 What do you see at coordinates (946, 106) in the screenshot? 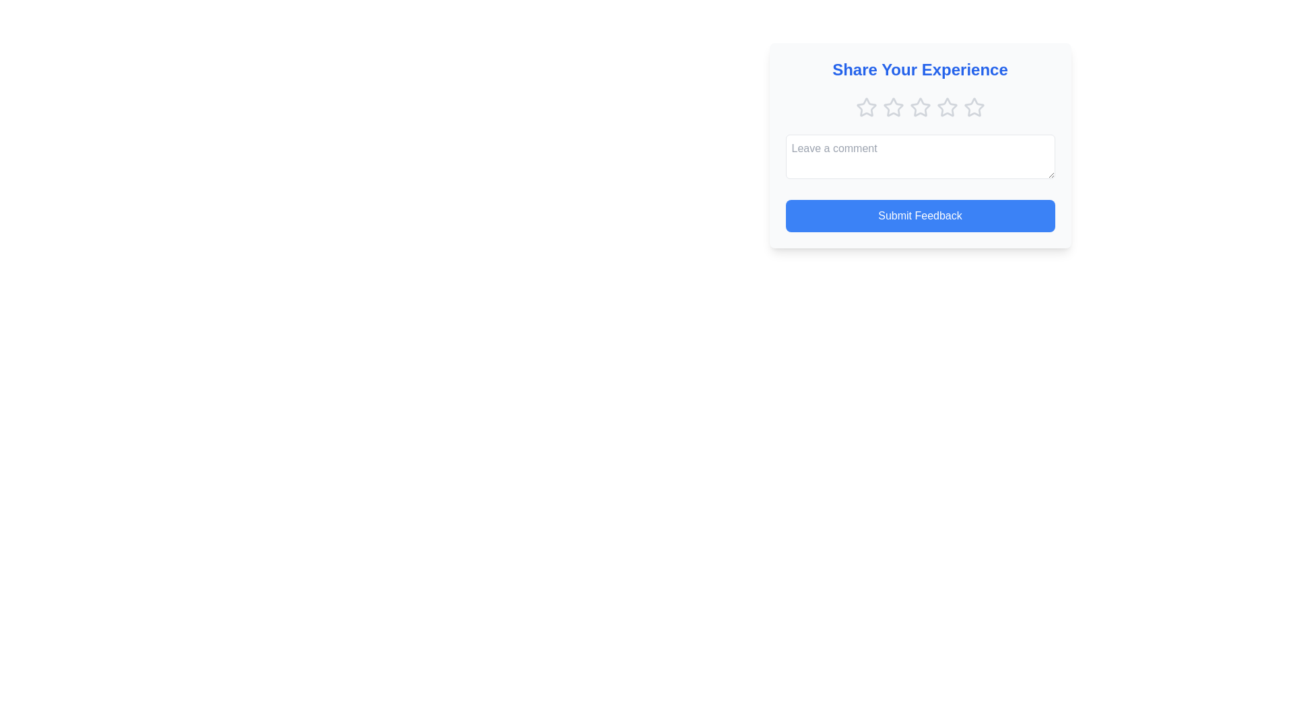
I see `the fourth star icon in the rating system` at bounding box center [946, 106].